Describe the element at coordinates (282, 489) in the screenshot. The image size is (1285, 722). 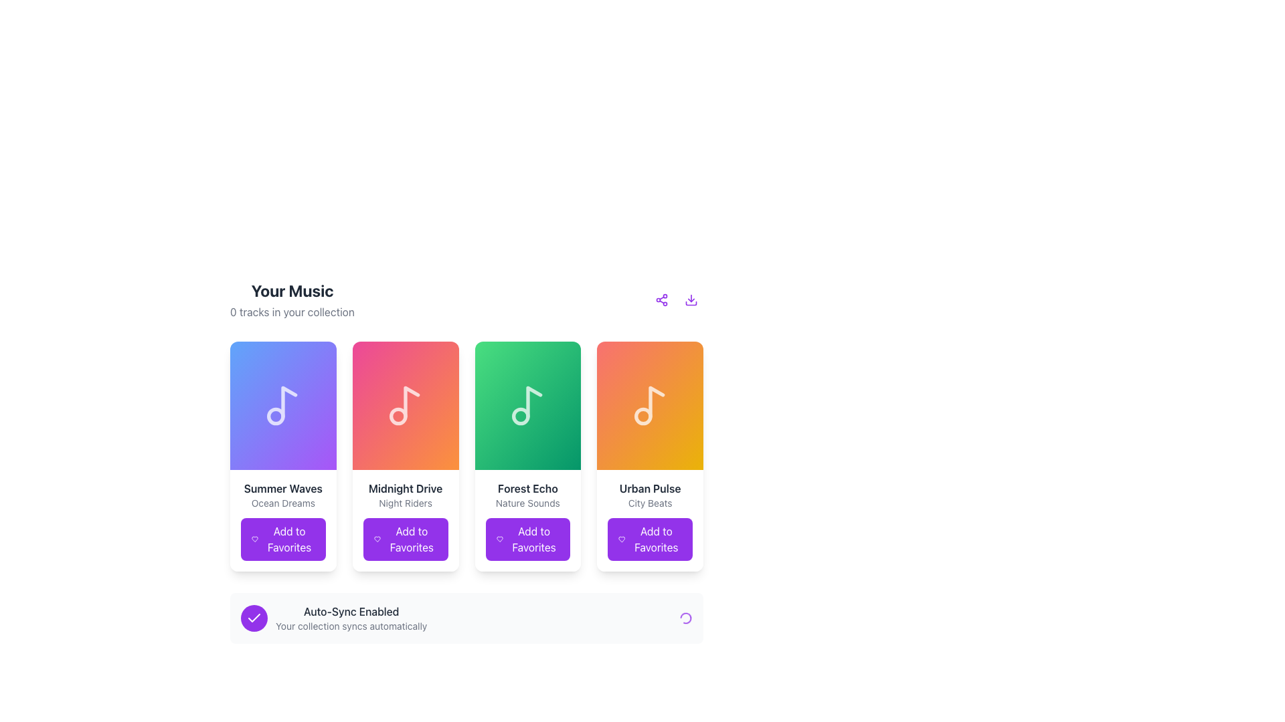
I see `text from the title label located at the top of the first card in a row of four cards, which serves as the primary identifier for the card's content` at that location.